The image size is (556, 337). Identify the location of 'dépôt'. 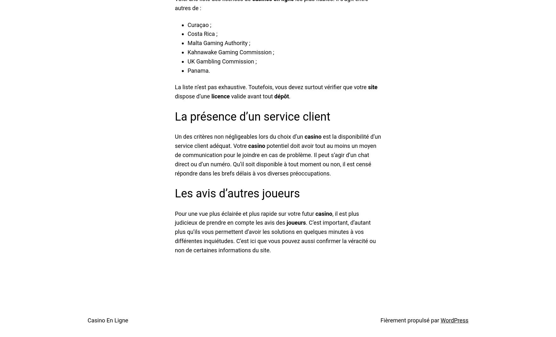
(281, 96).